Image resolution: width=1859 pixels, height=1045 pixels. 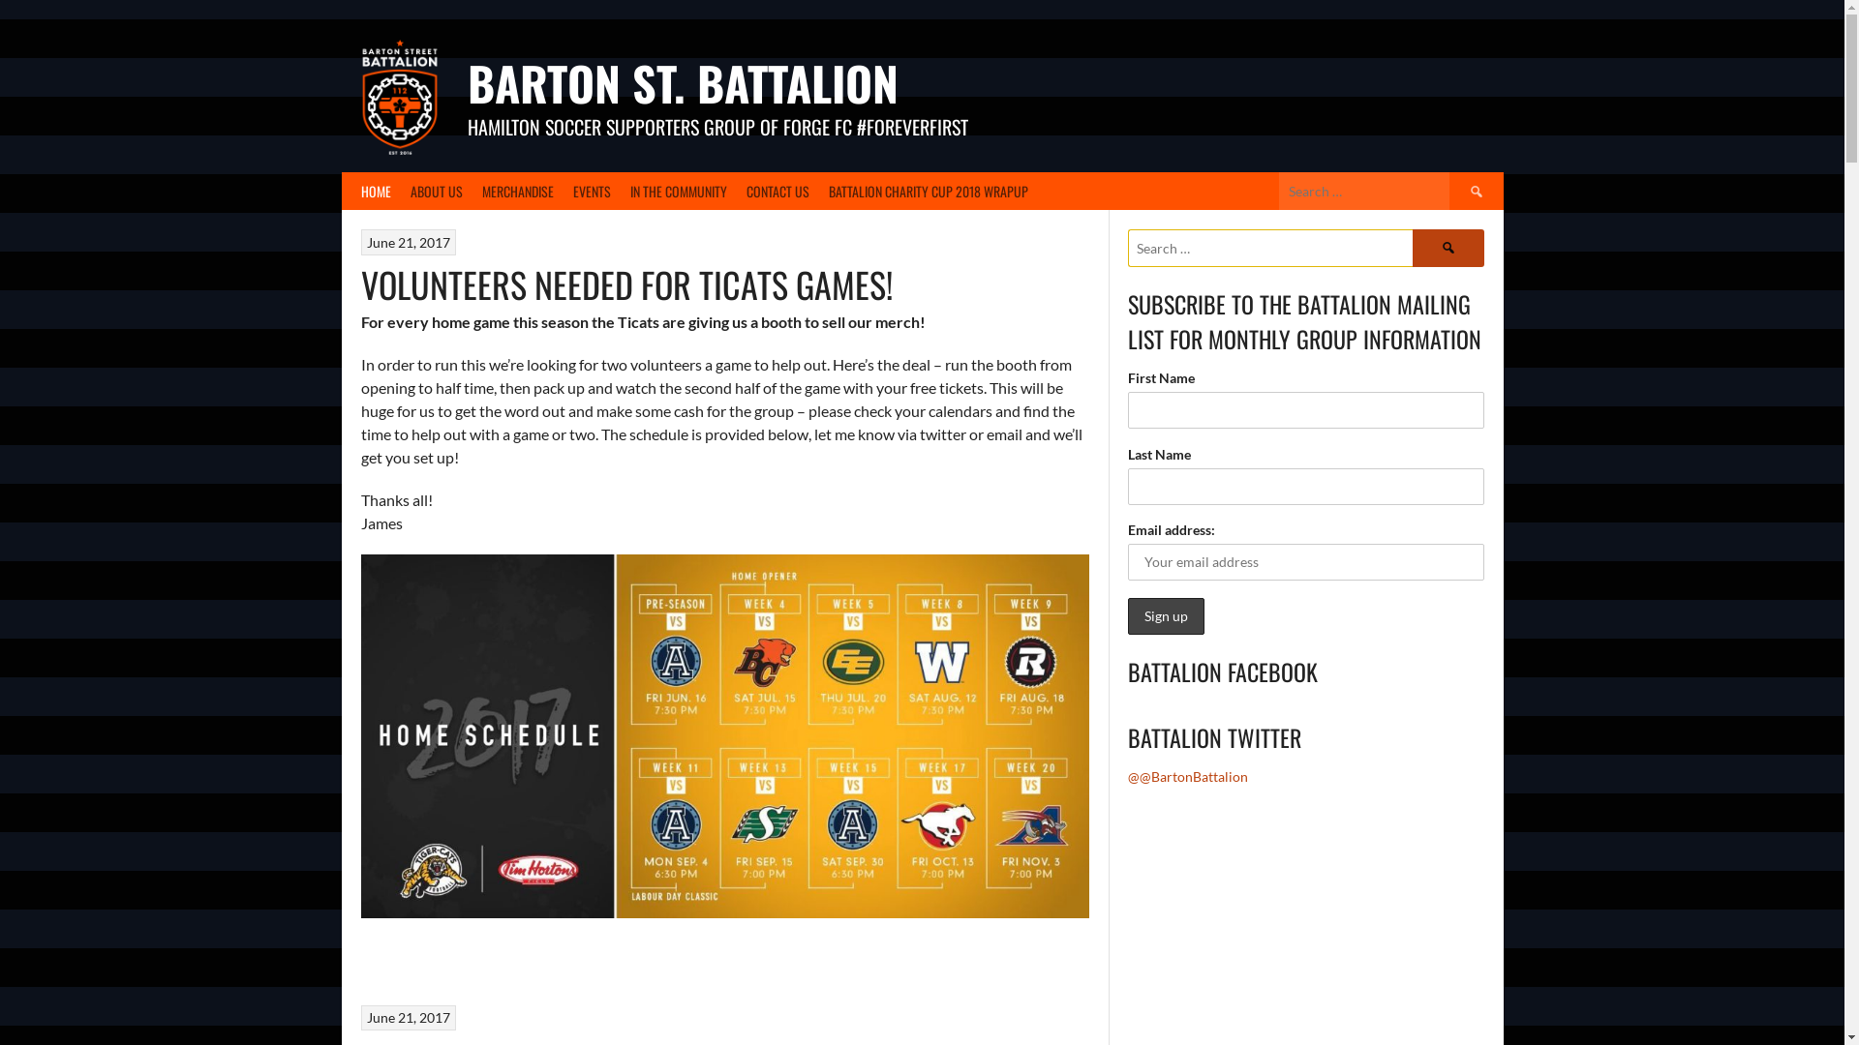 What do you see at coordinates (682, 81) in the screenshot?
I see `'BARTON ST. BATTALION'` at bounding box center [682, 81].